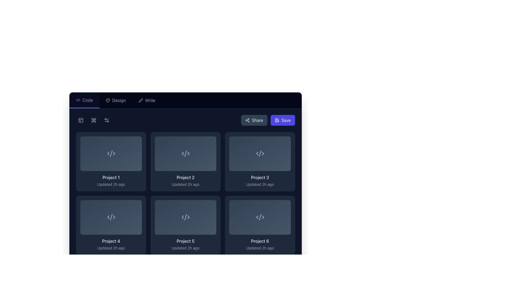  Describe the element at coordinates (111, 161) in the screenshot. I see `the first project card` at that location.